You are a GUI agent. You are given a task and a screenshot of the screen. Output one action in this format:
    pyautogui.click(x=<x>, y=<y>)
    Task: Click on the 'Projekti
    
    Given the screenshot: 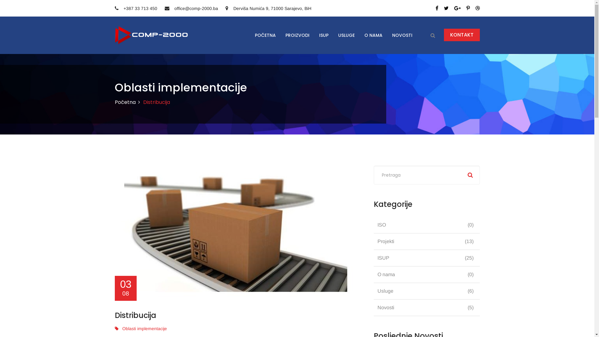 What is the action you would take?
    pyautogui.click(x=426, y=241)
    